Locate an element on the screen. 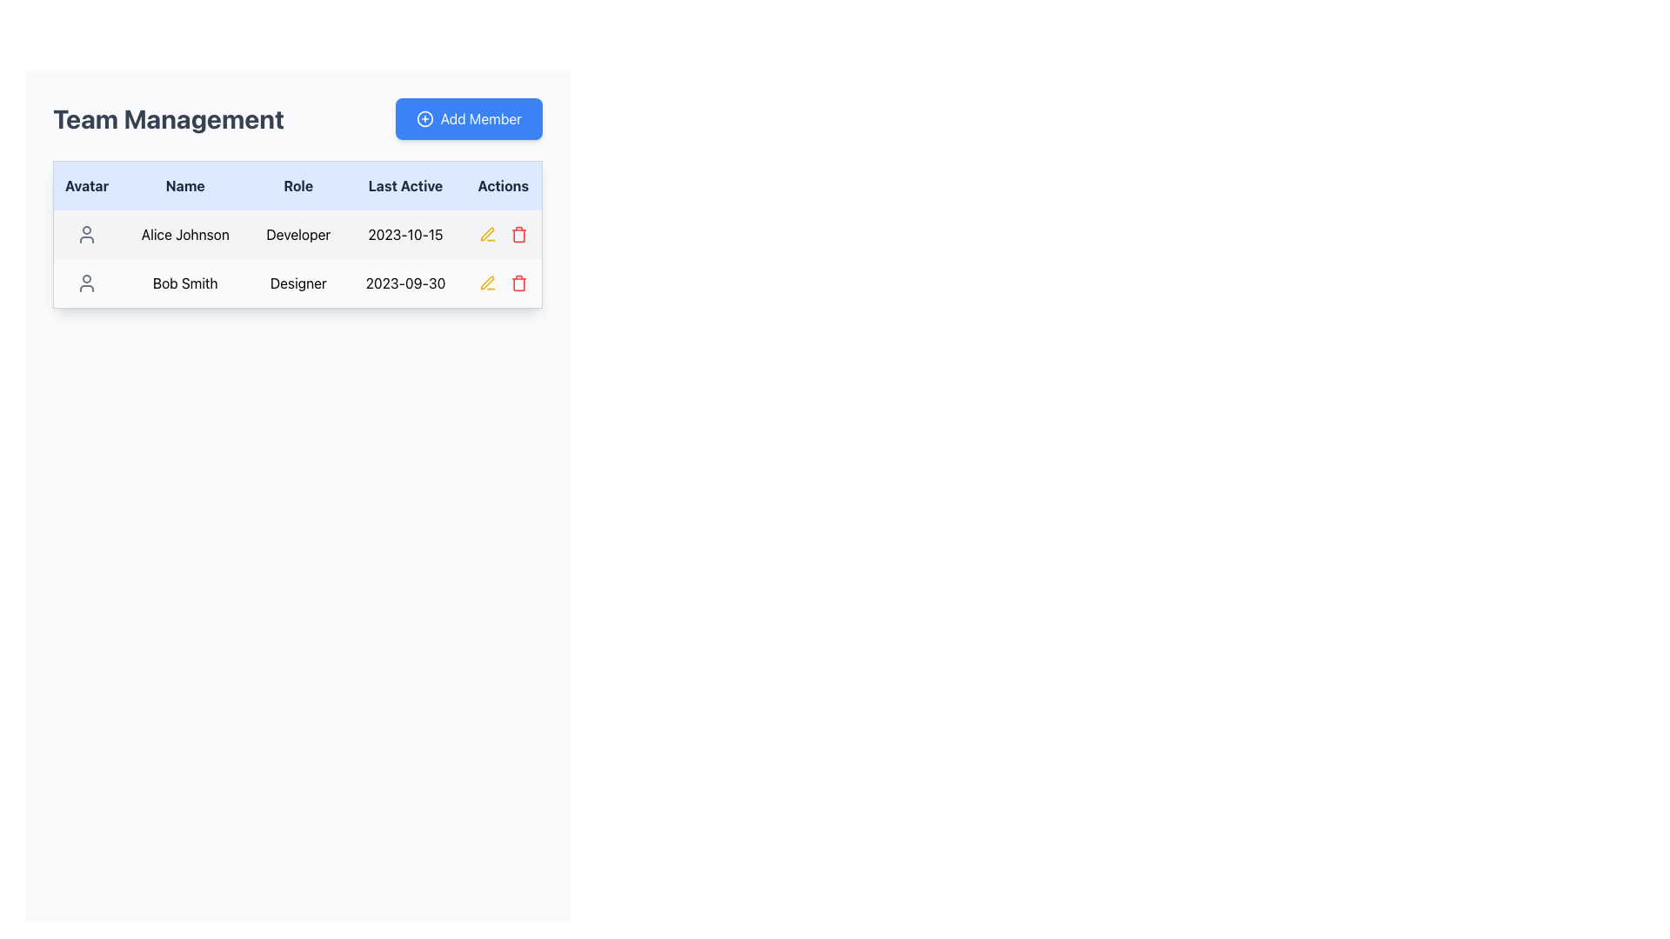 Image resolution: width=1670 pixels, height=939 pixels. the header label that categorizes the contents of the column below it, located between the 'Name' and 'Last Active' headers is located at coordinates (298, 185).